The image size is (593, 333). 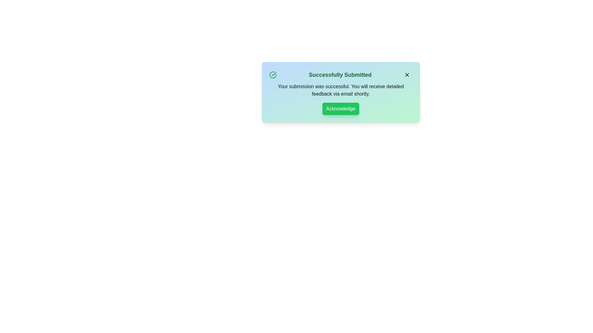 What do you see at coordinates (407, 75) in the screenshot?
I see `the close button to dismiss the notification` at bounding box center [407, 75].